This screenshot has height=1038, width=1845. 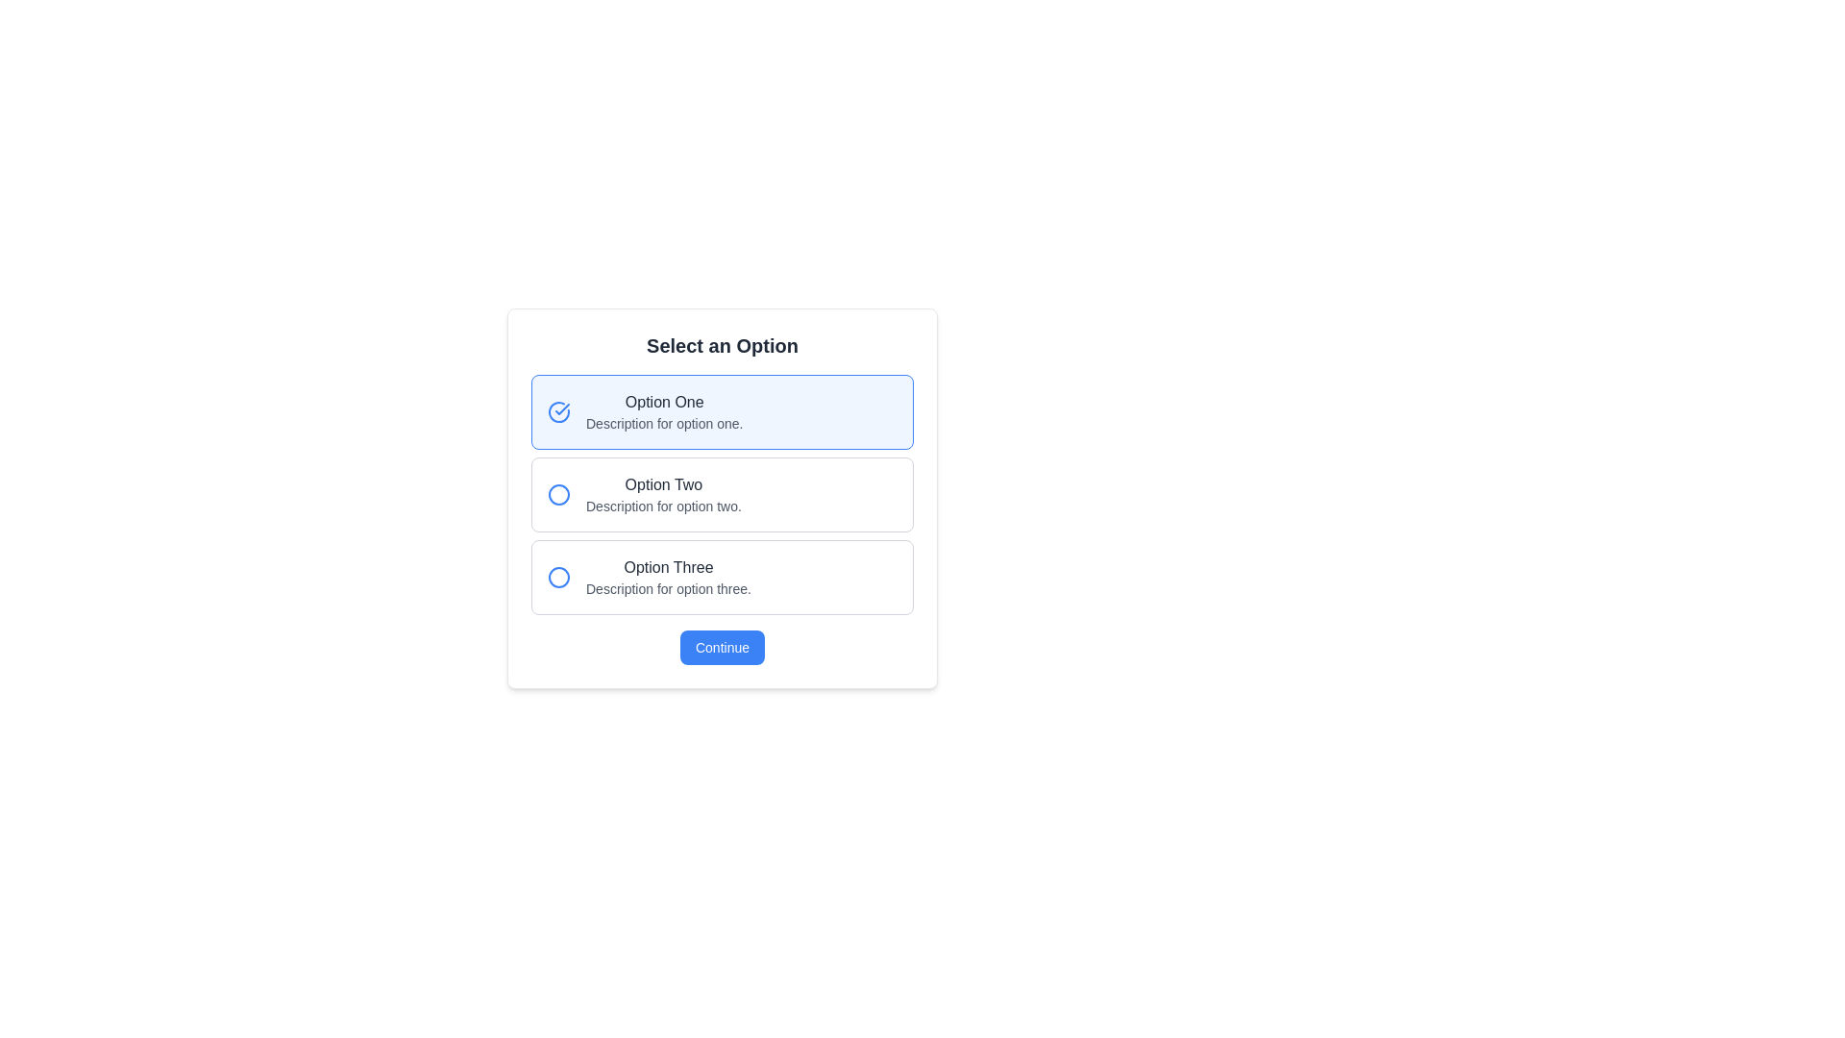 What do you see at coordinates (557, 577) in the screenshot?
I see `the SVG circle graphic with a blue stroke that serves as a visual indicator for 'Option Two'` at bounding box center [557, 577].